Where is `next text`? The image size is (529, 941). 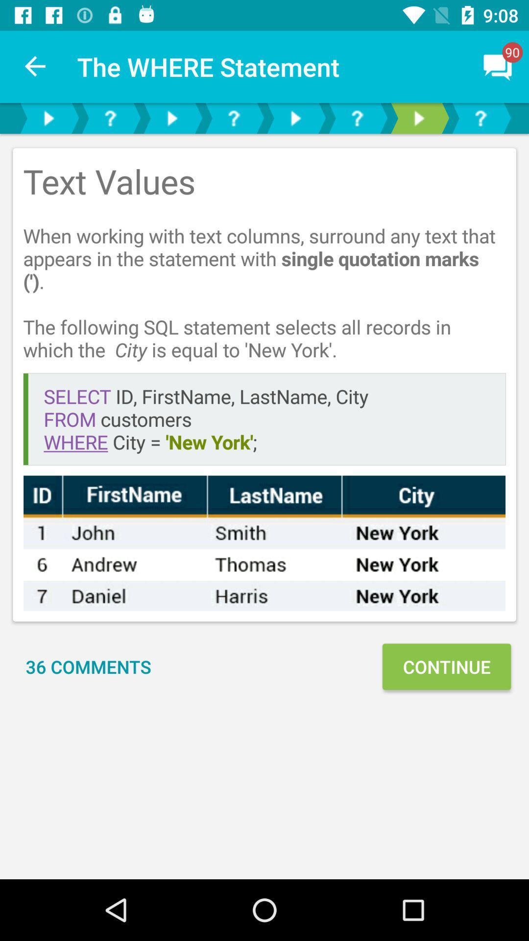 next text is located at coordinates (48, 118).